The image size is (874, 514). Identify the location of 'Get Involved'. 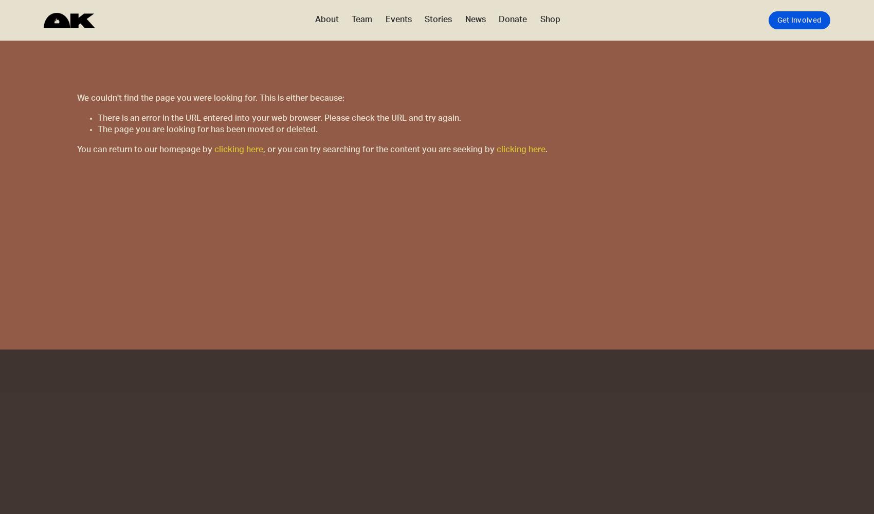
(799, 20).